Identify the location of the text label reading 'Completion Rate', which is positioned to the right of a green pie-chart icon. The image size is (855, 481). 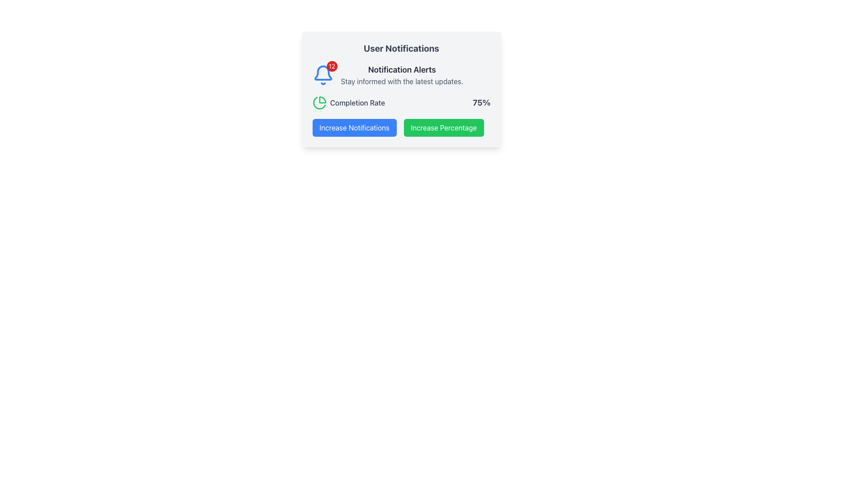
(357, 102).